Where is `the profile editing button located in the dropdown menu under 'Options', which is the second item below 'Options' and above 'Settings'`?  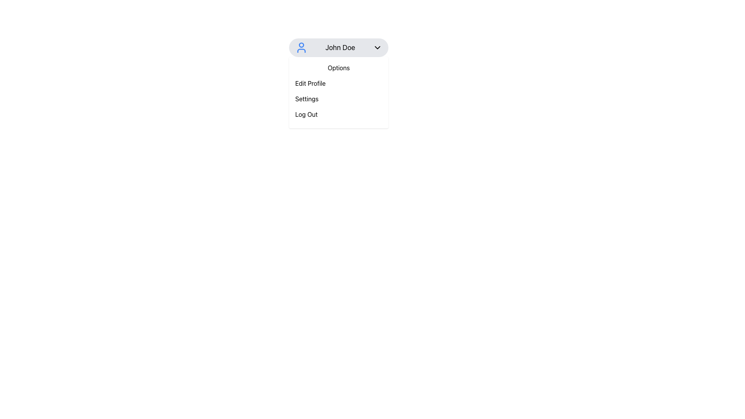 the profile editing button located in the dropdown menu under 'Options', which is the second item below 'Options' and above 'Settings' is located at coordinates (339, 83).